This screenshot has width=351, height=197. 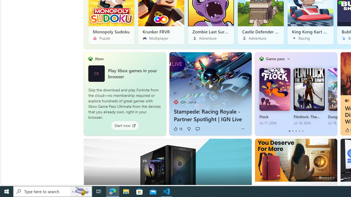 I want to click on 'Start now', so click(x=124, y=125).